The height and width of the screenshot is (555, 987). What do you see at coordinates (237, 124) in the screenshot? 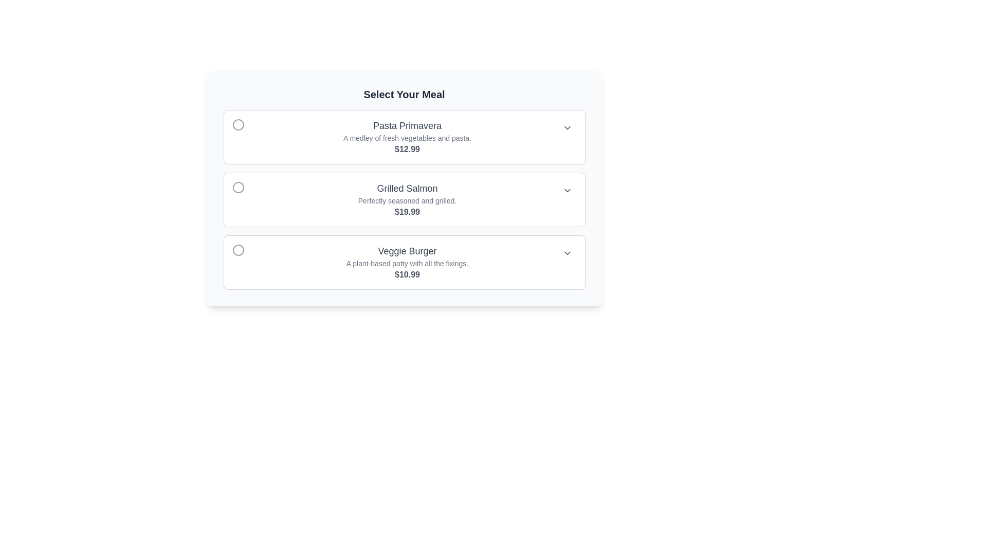
I see `the radio button` at bounding box center [237, 124].